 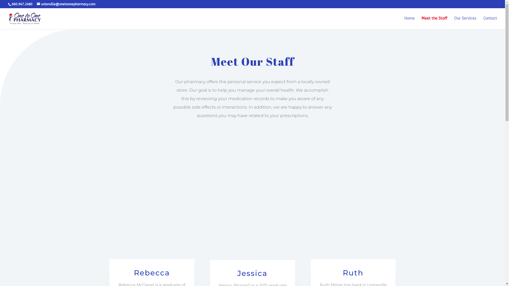 What do you see at coordinates (434, 23) in the screenshot?
I see `'Meet the Staff'` at bounding box center [434, 23].